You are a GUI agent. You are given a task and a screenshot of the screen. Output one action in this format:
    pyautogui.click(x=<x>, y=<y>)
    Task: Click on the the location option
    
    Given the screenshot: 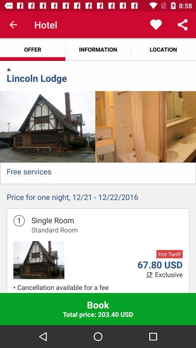 What is the action you would take?
    pyautogui.click(x=163, y=49)
    